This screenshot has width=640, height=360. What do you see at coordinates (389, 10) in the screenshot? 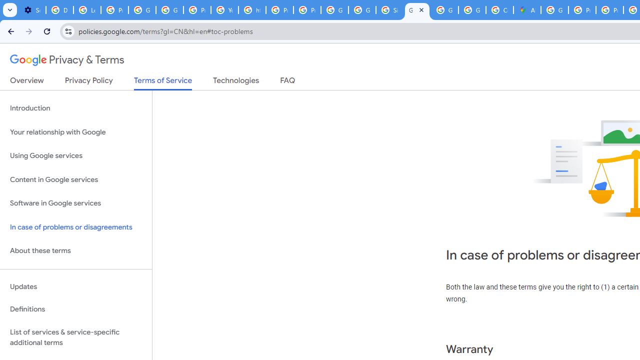
I see `'Sign in - Google Accounts'` at bounding box center [389, 10].